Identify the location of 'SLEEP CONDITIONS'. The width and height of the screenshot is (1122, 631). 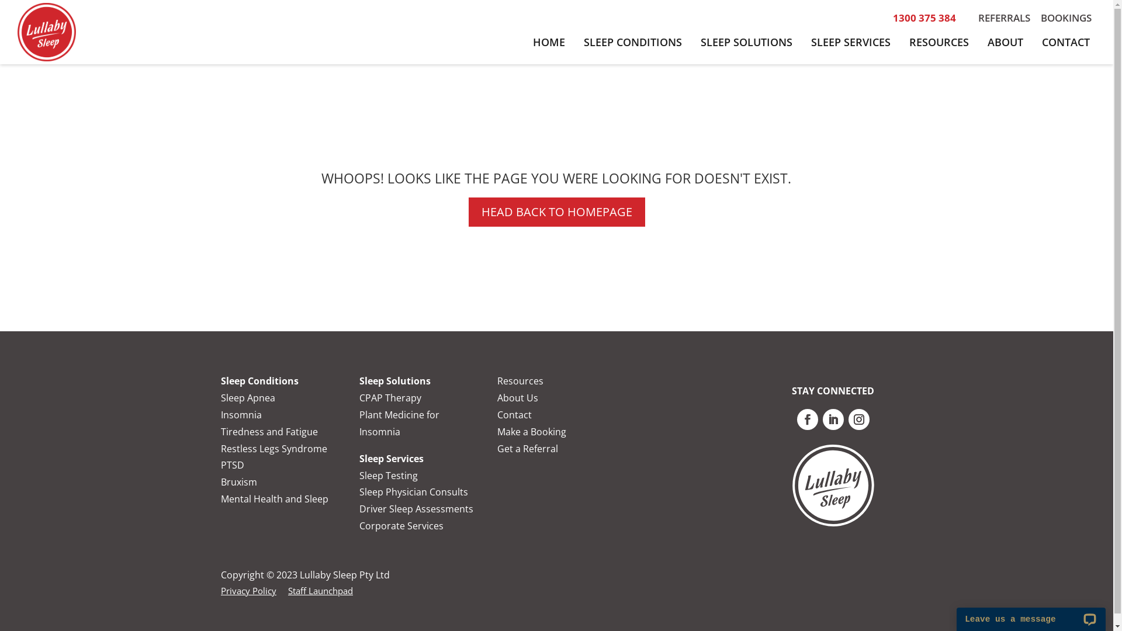
(574, 41).